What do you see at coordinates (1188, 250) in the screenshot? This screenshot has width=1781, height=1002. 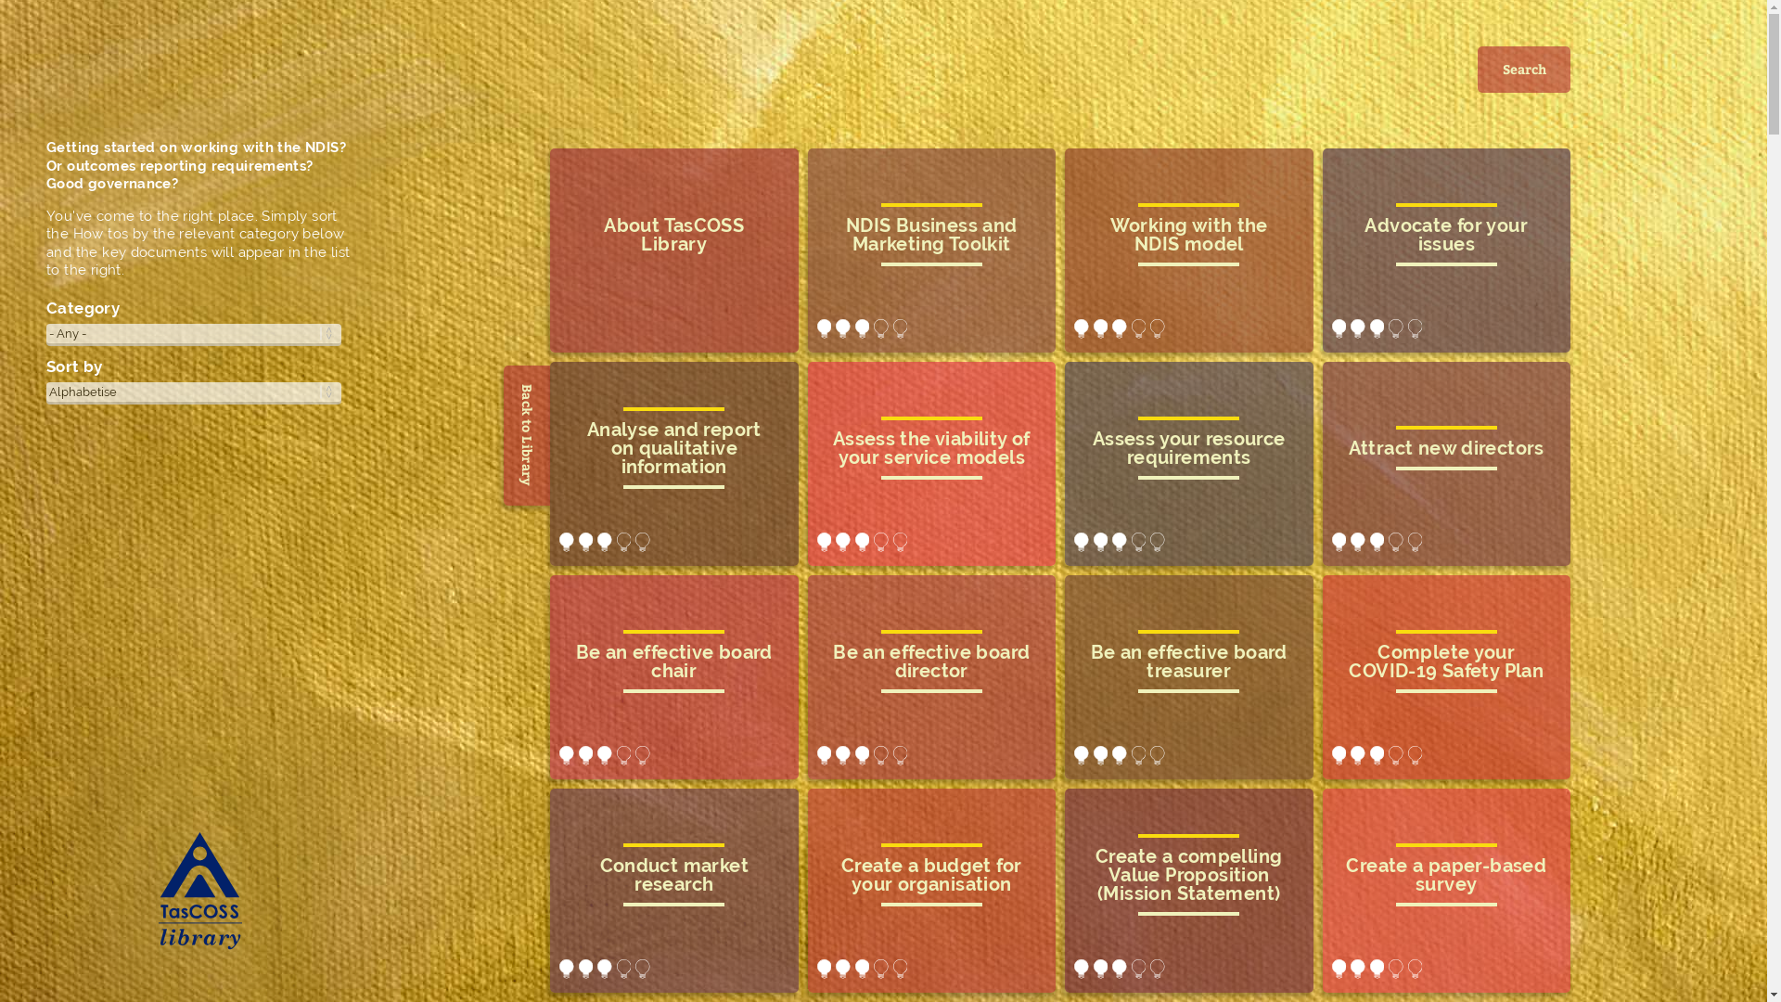 I see `'Working with the NDIS model'` at bounding box center [1188, 250].